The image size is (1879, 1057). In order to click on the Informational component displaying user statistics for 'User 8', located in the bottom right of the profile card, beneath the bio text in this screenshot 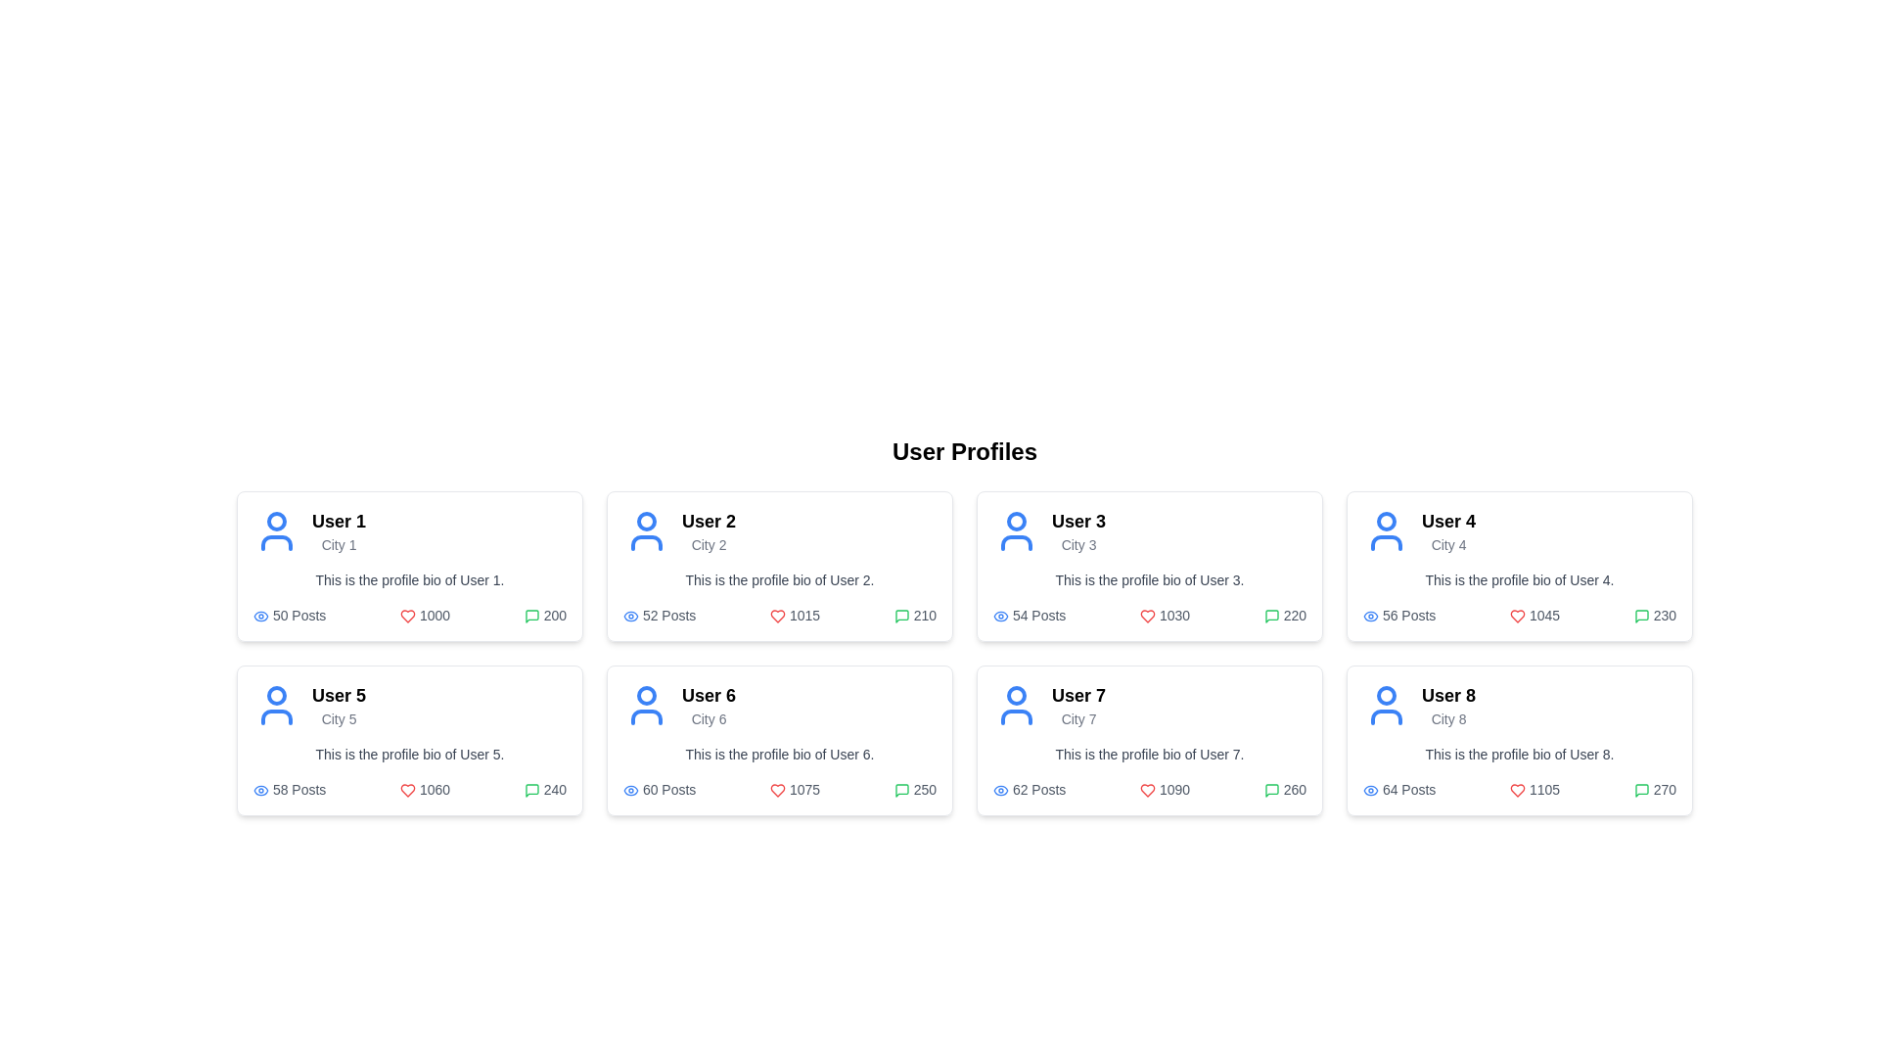, I will do `click(1519, 788)`.